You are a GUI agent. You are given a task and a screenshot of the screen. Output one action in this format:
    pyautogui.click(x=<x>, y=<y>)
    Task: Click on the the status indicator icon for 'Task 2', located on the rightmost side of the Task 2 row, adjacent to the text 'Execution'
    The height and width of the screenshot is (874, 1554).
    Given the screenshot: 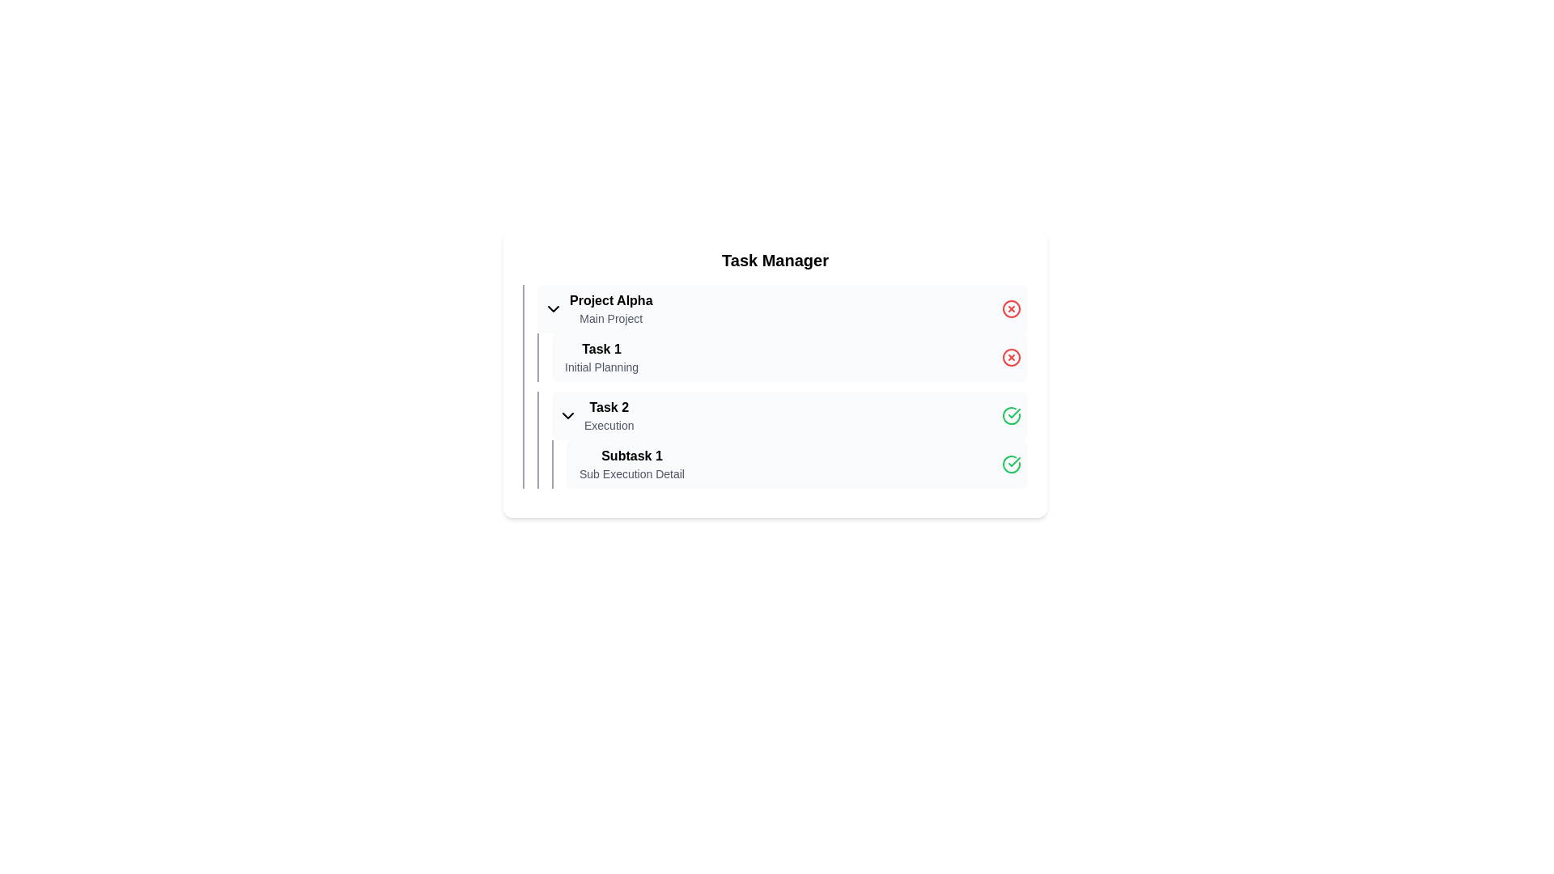 What is the action you would take?
    pyautogui.click(x=1010, y=414)
    